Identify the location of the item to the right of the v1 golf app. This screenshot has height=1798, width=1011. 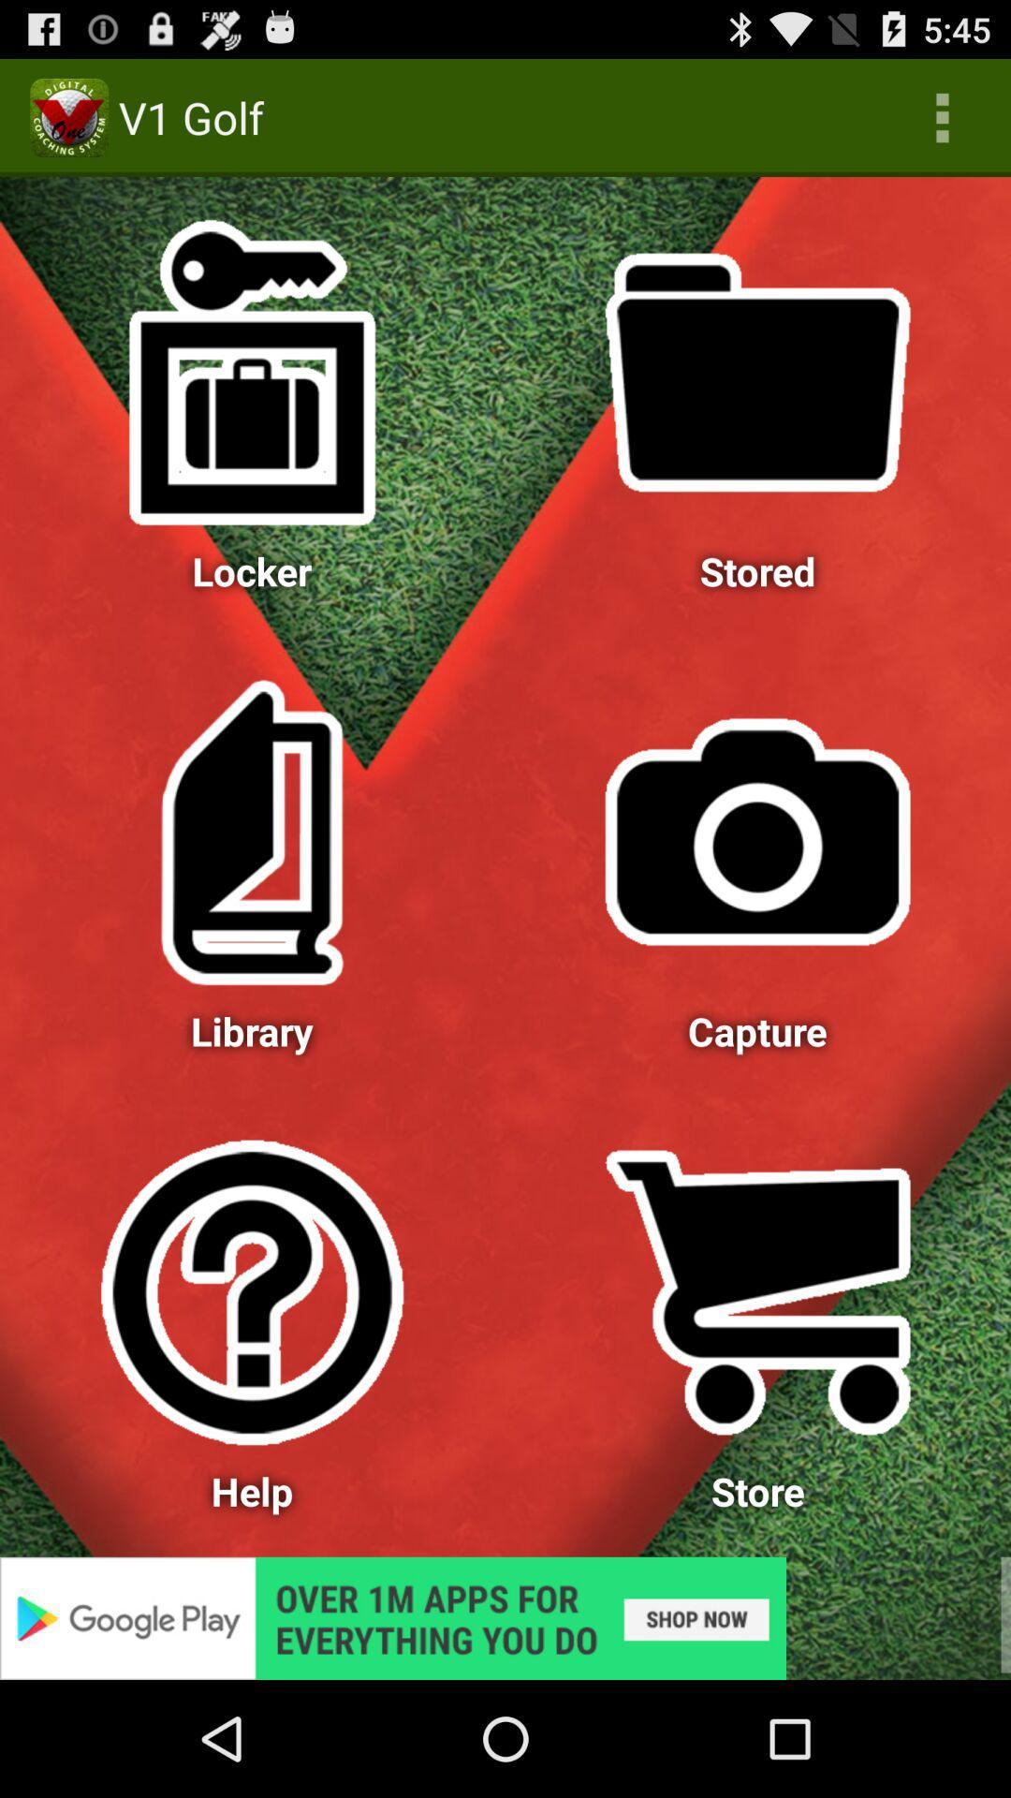
(942, 116).